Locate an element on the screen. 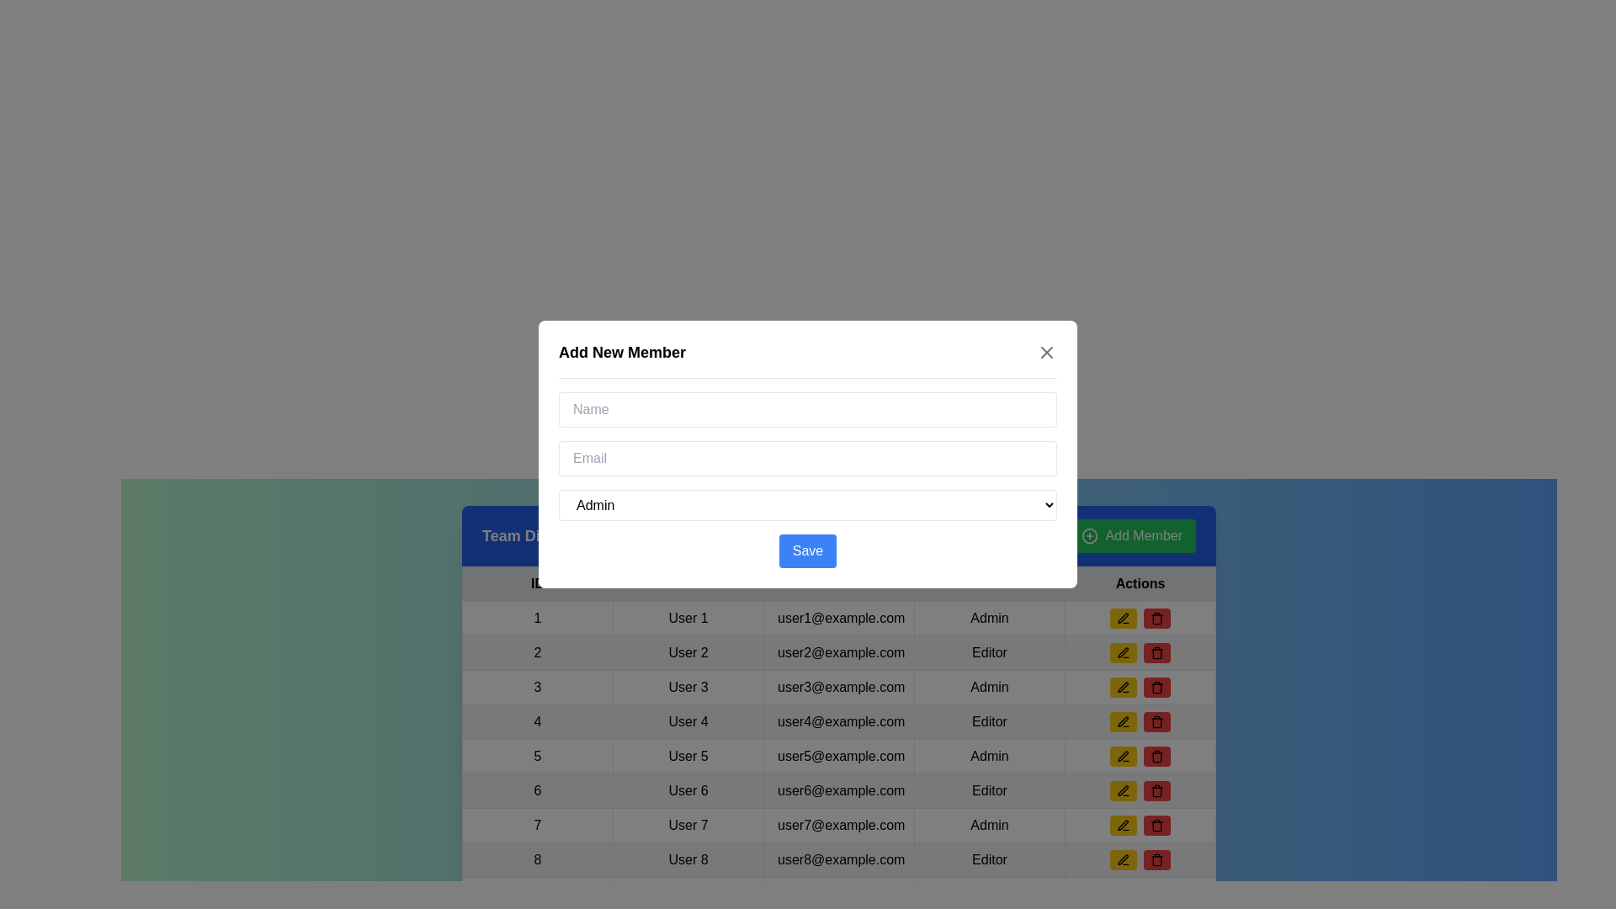  the text display element that represents the unique identifier for 'User 3' in the Team Details section of the table is located at coordinates (536, 688).